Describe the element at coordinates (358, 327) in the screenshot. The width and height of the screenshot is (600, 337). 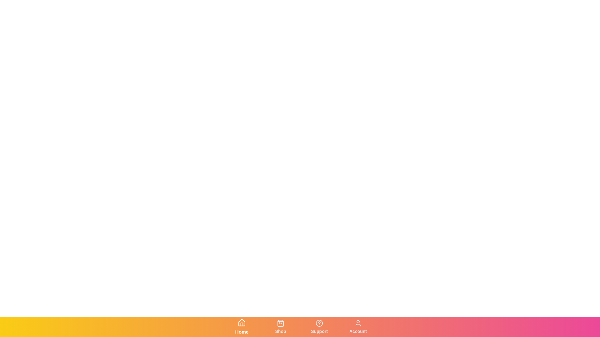
I see `the Account tab from the navigation bar` at that location.